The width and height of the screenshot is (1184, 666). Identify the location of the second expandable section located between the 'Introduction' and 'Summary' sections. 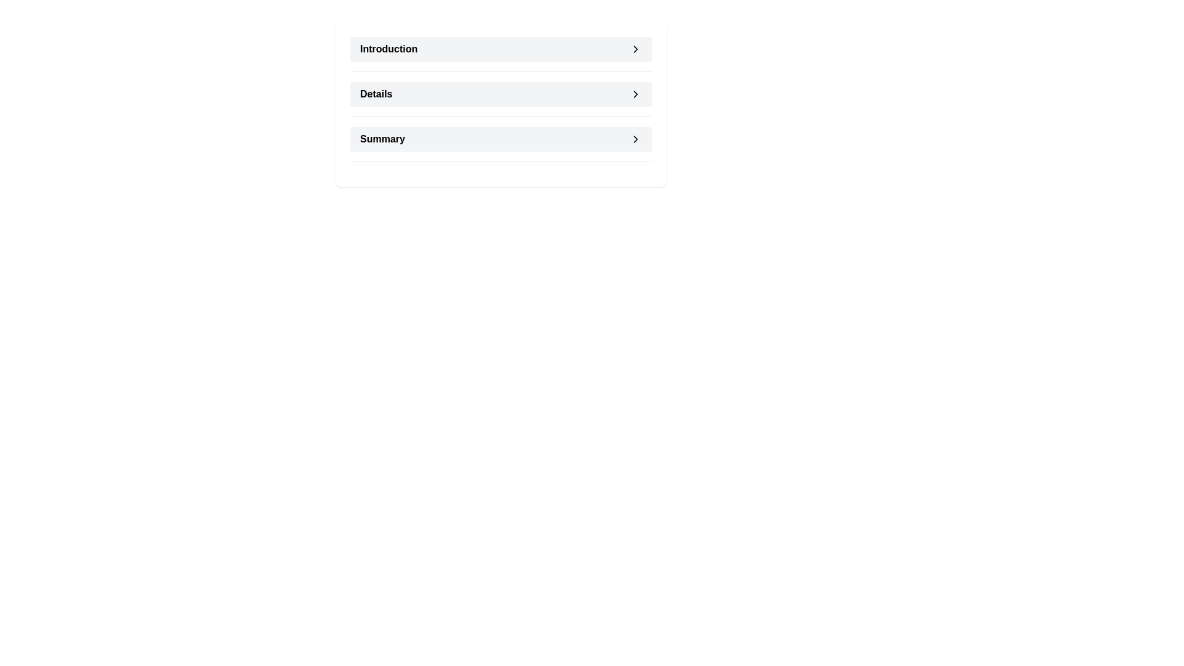
(501, 104).